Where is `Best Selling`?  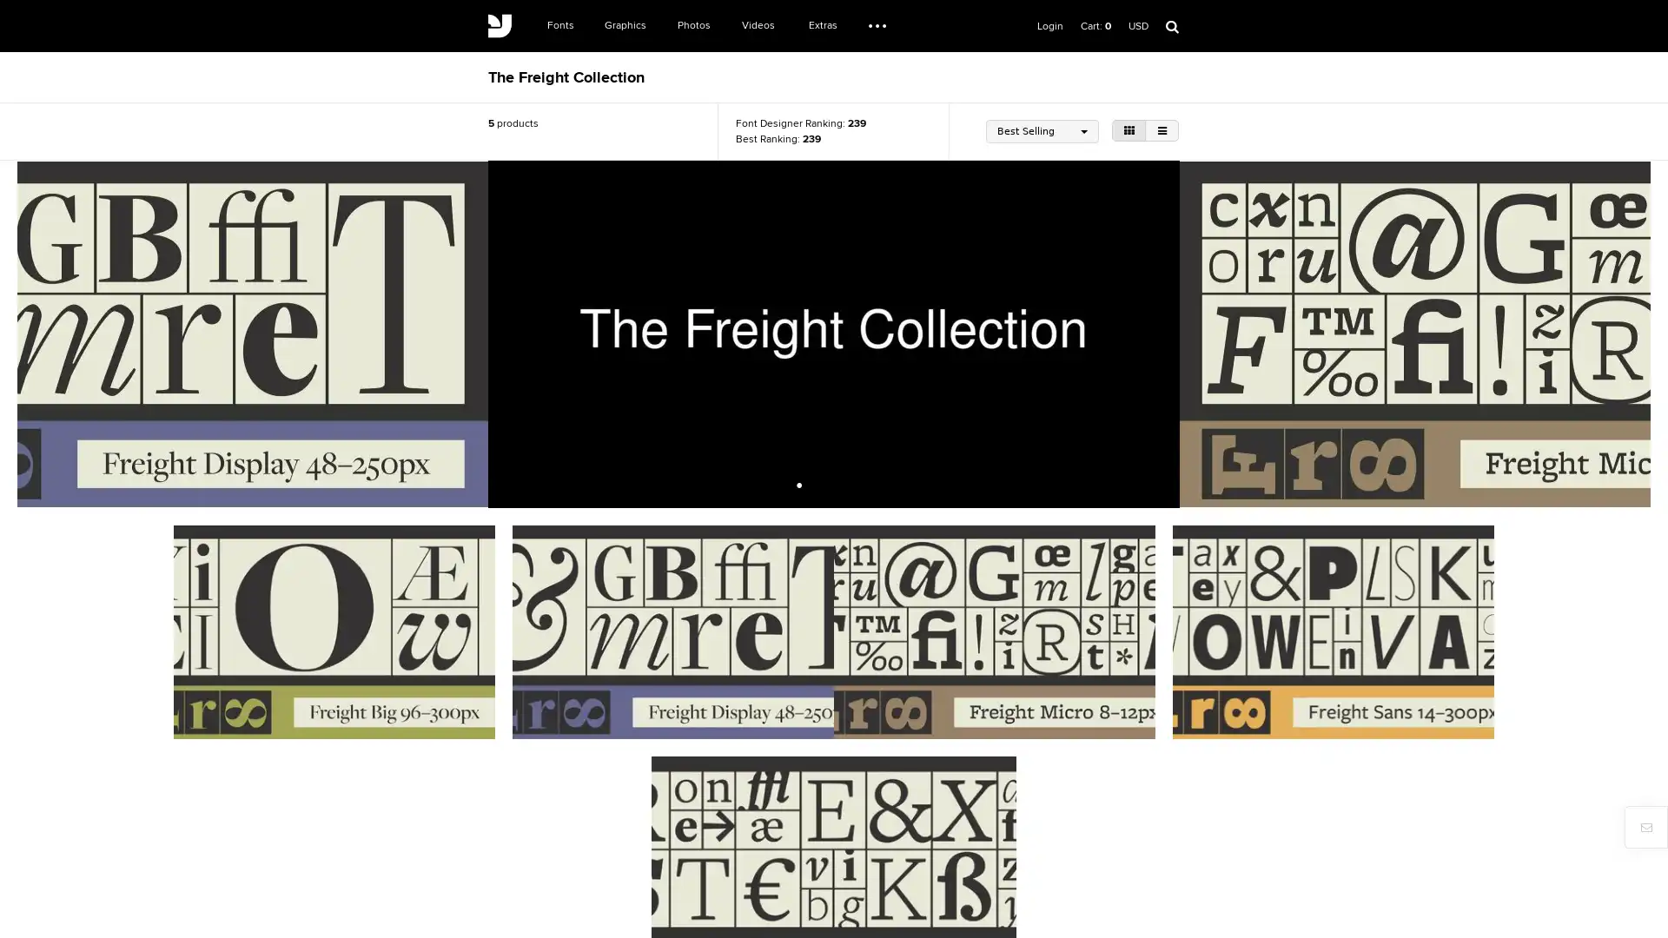
Best Selling is located at coordinates (1042, 130).